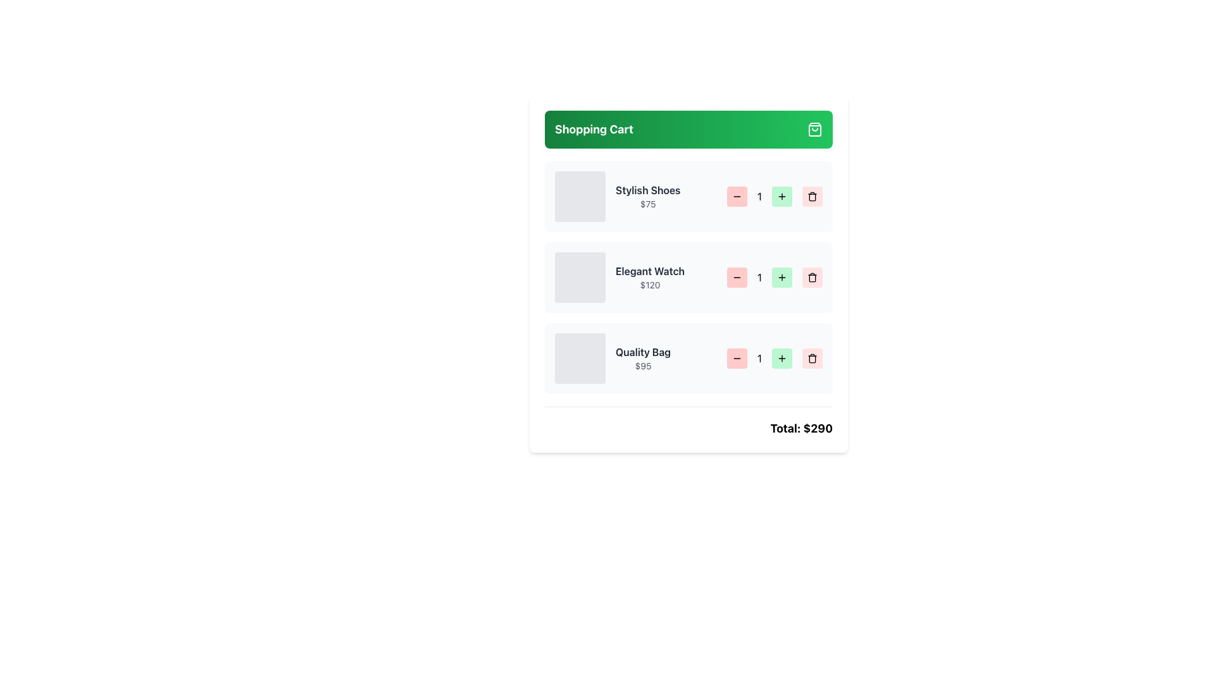 This screenshot has width=1215, height=683. Describe the element at coordinates (593, 129) in the screenshot. I see `the static text label for the shopping cart section, which is positioned at the top-left corner of the green bar and serves as a title for the cart` at that location.